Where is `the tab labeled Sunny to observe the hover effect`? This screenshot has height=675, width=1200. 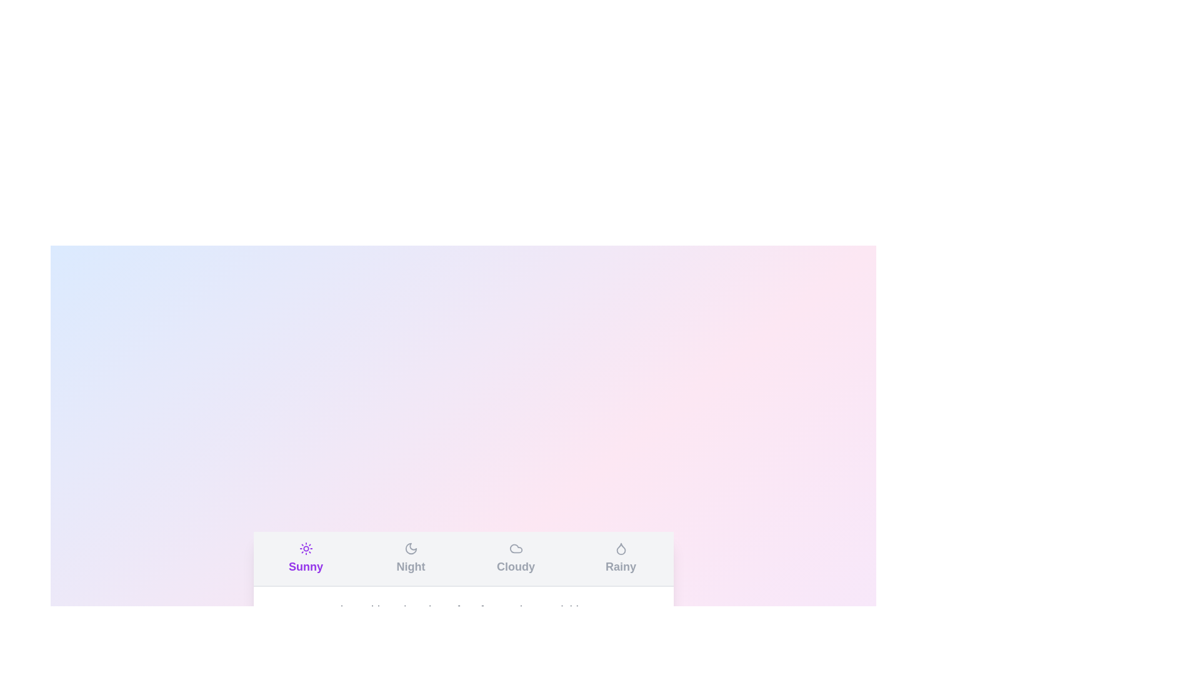
the tab labeled Sunny to observe the hover effect is located at coordinates (306, 558).